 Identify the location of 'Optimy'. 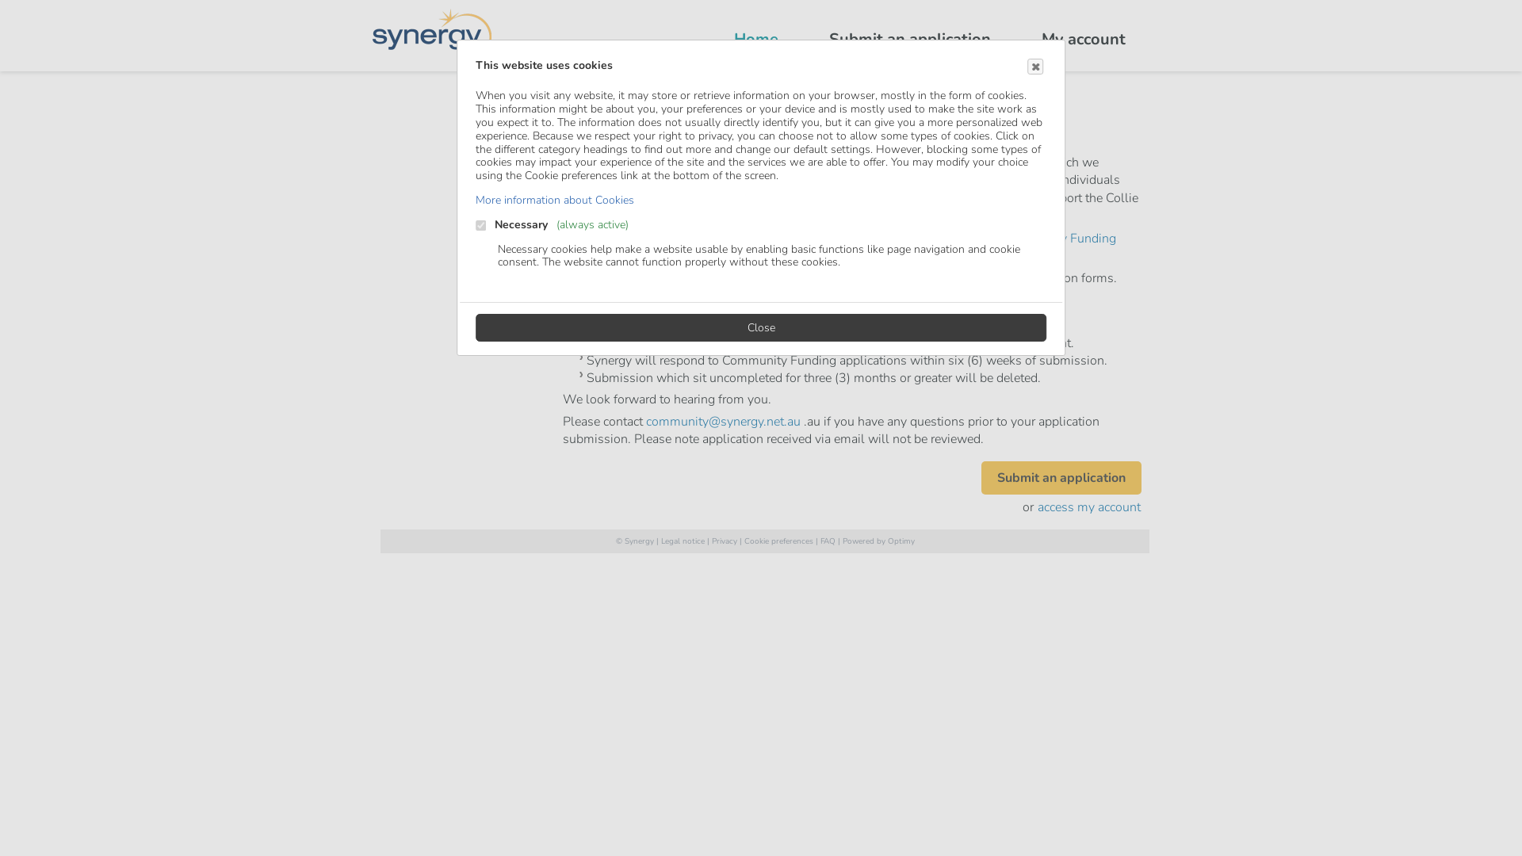
(901, 540).